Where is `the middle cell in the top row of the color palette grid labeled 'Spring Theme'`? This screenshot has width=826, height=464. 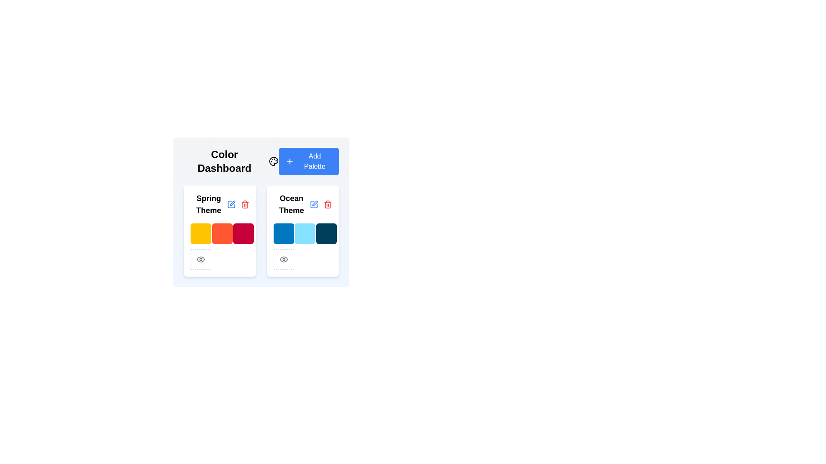
the middle cell in the top row of the color palette grid labeled 'Spring Theme' is located at coordinates (222, 233).